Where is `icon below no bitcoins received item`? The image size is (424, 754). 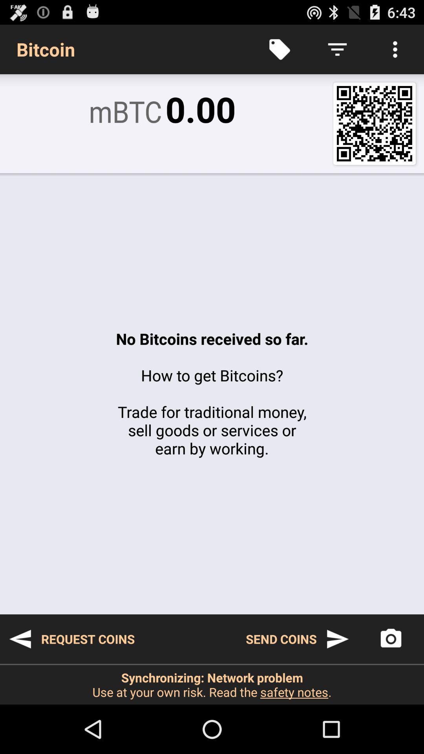
icon below no bitcoins received item is located at coordinates (71, 639).